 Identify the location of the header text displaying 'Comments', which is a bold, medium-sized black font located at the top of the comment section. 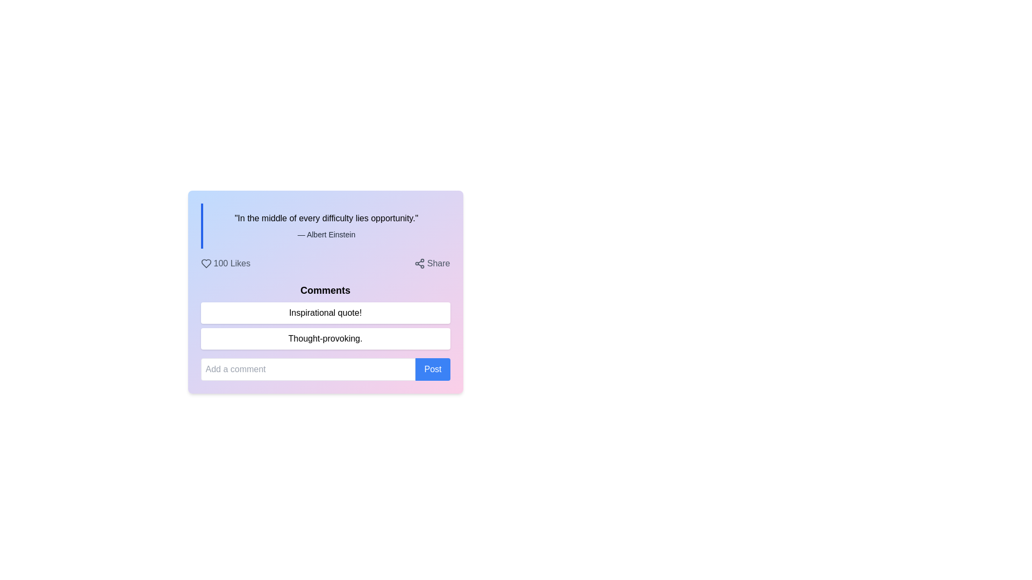
(325, 290).